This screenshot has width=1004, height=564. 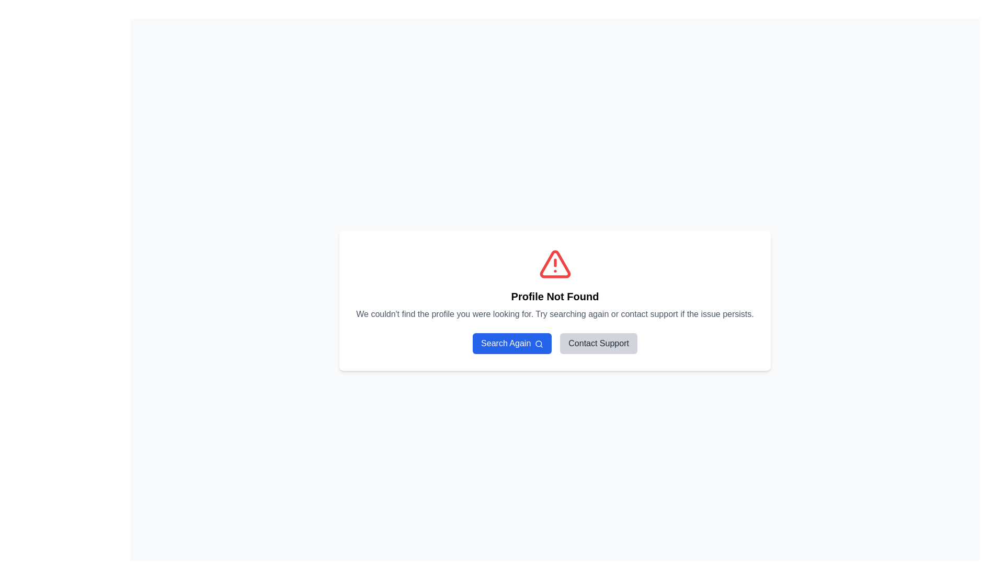 I want to click on the search icon located on the right side of the 'Search Again' button, adjacent to its text label, below the 'Profile Not Found' message, so click(x=539, y=344).